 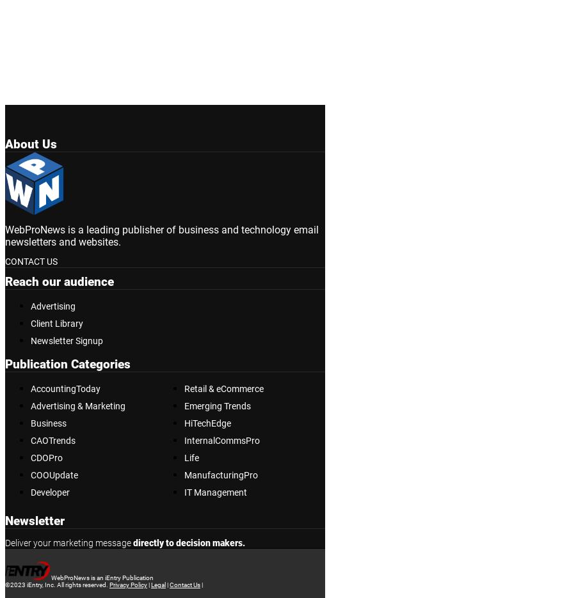 I want to click on 'Life', so click(x=191, y=457).